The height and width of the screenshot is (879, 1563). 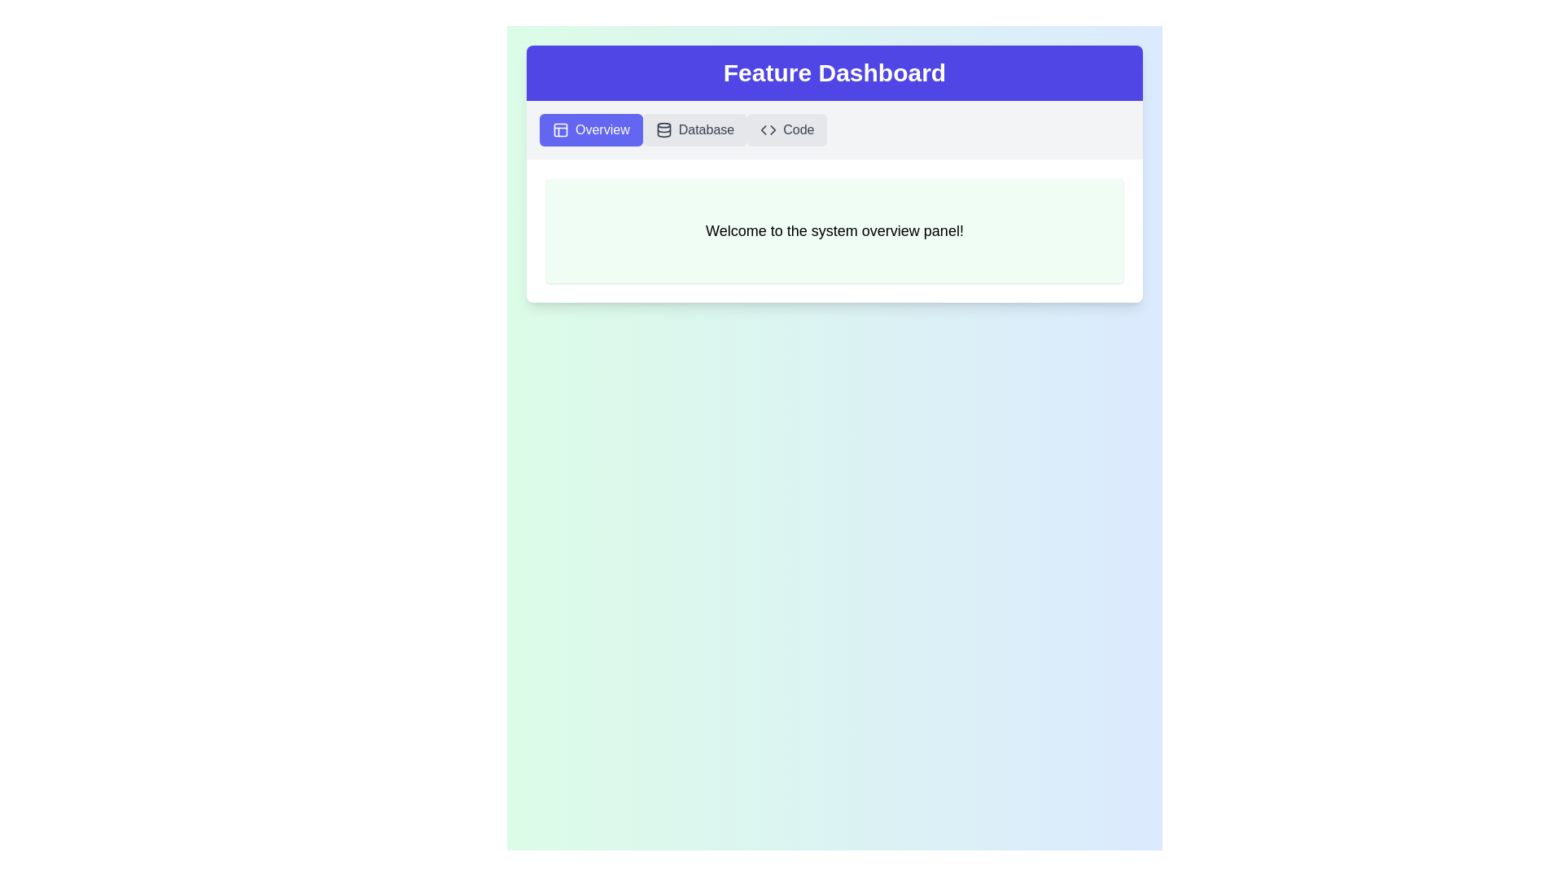 I want to click on the overview button located in the menu area below 'Feature Dashboard' to interact with keyboard controls, so click(x=590, y=129).